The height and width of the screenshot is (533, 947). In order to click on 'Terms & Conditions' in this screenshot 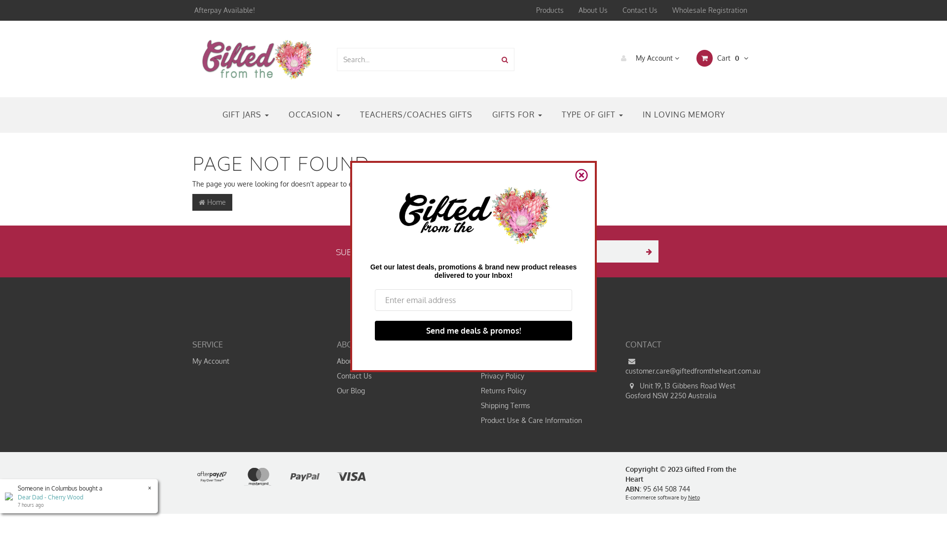, I will do `click(542, 361)`.